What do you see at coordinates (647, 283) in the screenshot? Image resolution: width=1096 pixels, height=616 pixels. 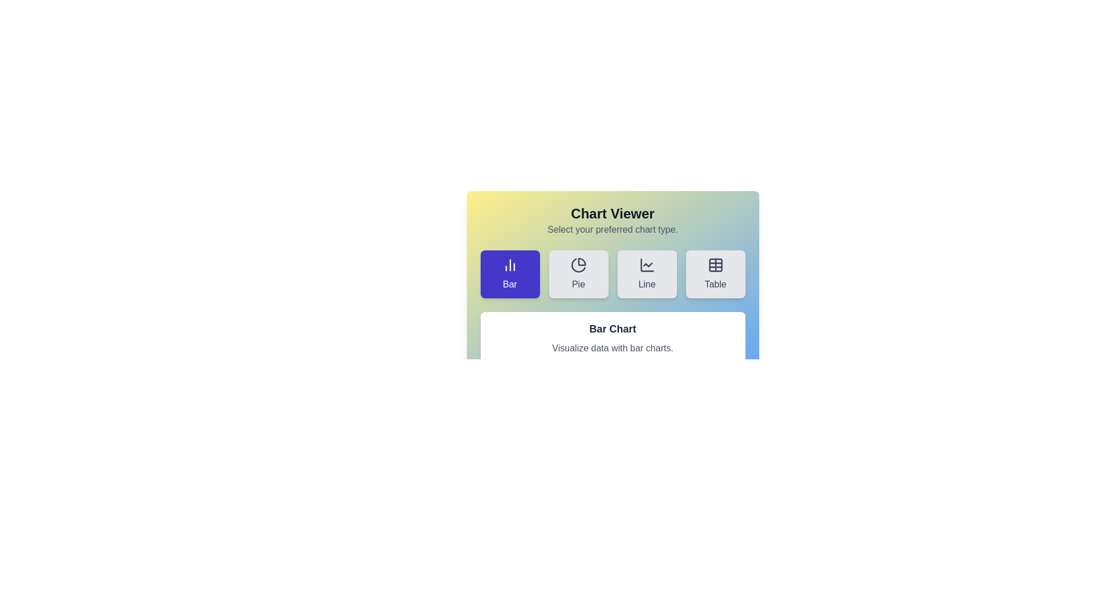 I see `the text content of the label displaying 'Line', located below the line chart icon in the chart type selection group` at bounding box center [647, 283].